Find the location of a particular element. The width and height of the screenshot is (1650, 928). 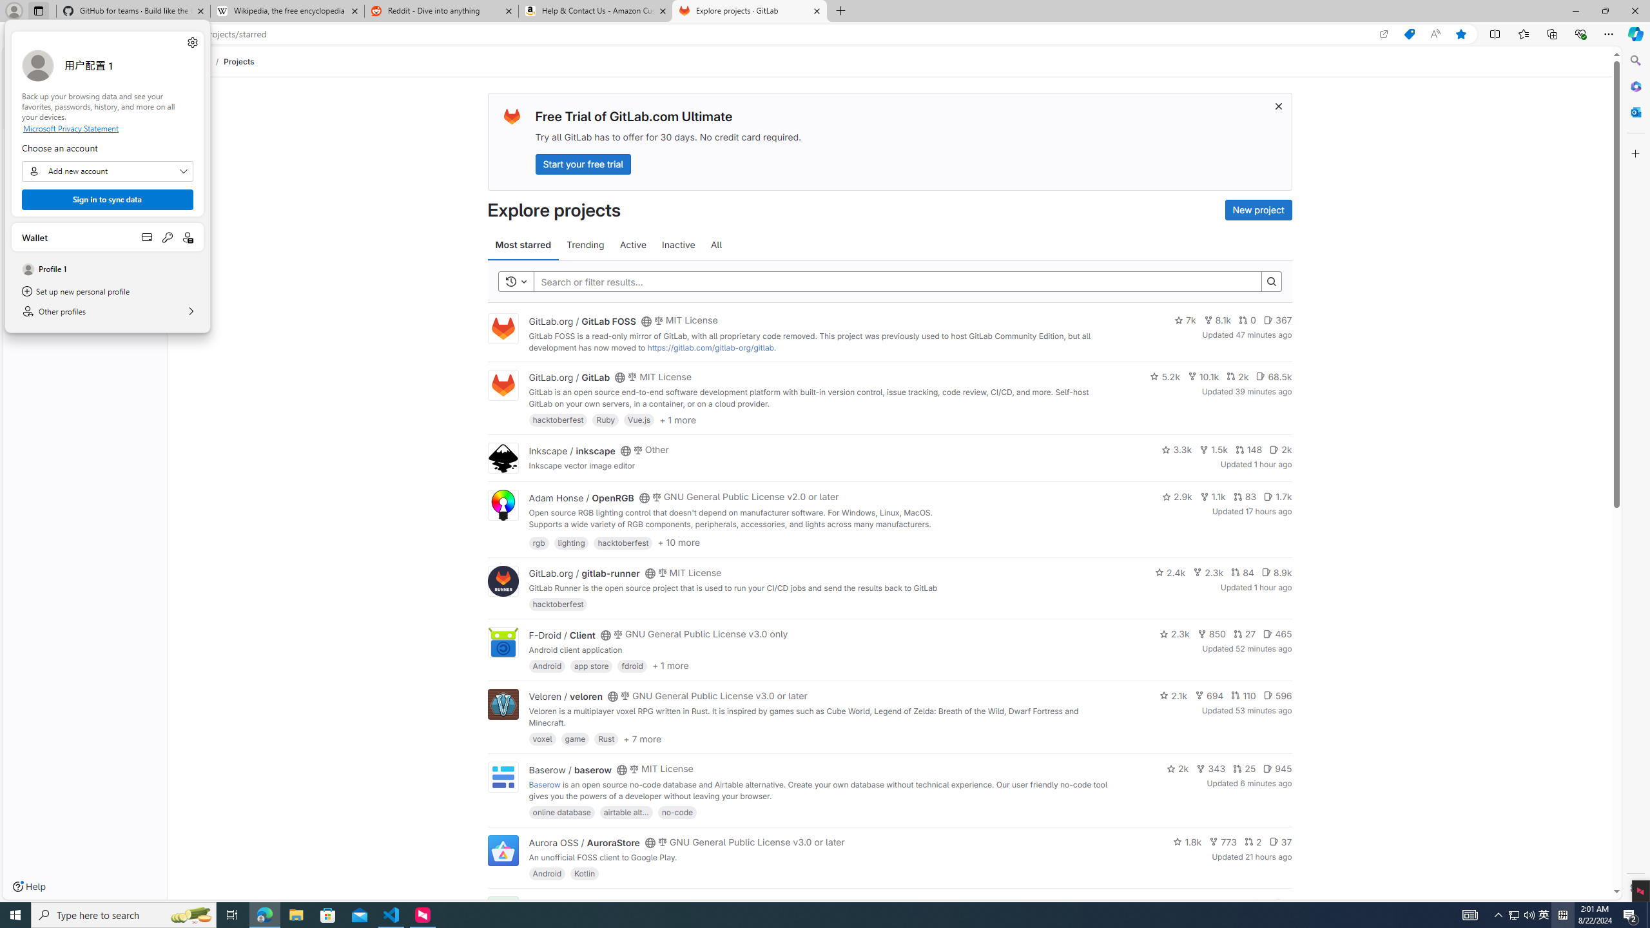

'1.4k' is located at coordinates (1194, 903).